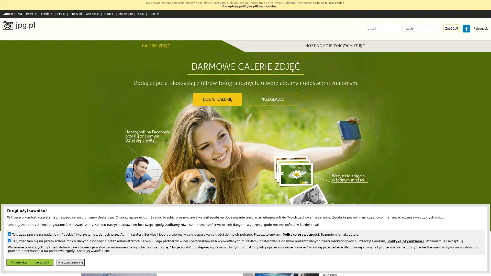 The width and height of the screenshot is (491, 276). What do you see at coordinates (452, 28) in the screenshot?
I see `Zaloguj` at bounding box center [452, 28].